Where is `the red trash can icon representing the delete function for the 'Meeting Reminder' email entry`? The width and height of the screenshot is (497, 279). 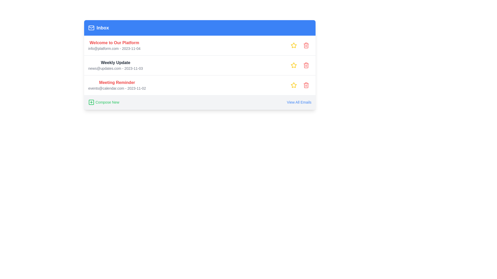 the red trash can icon representing the delete function for the 'Meeting Reminder' email entry is located at coordinates (306, 85).